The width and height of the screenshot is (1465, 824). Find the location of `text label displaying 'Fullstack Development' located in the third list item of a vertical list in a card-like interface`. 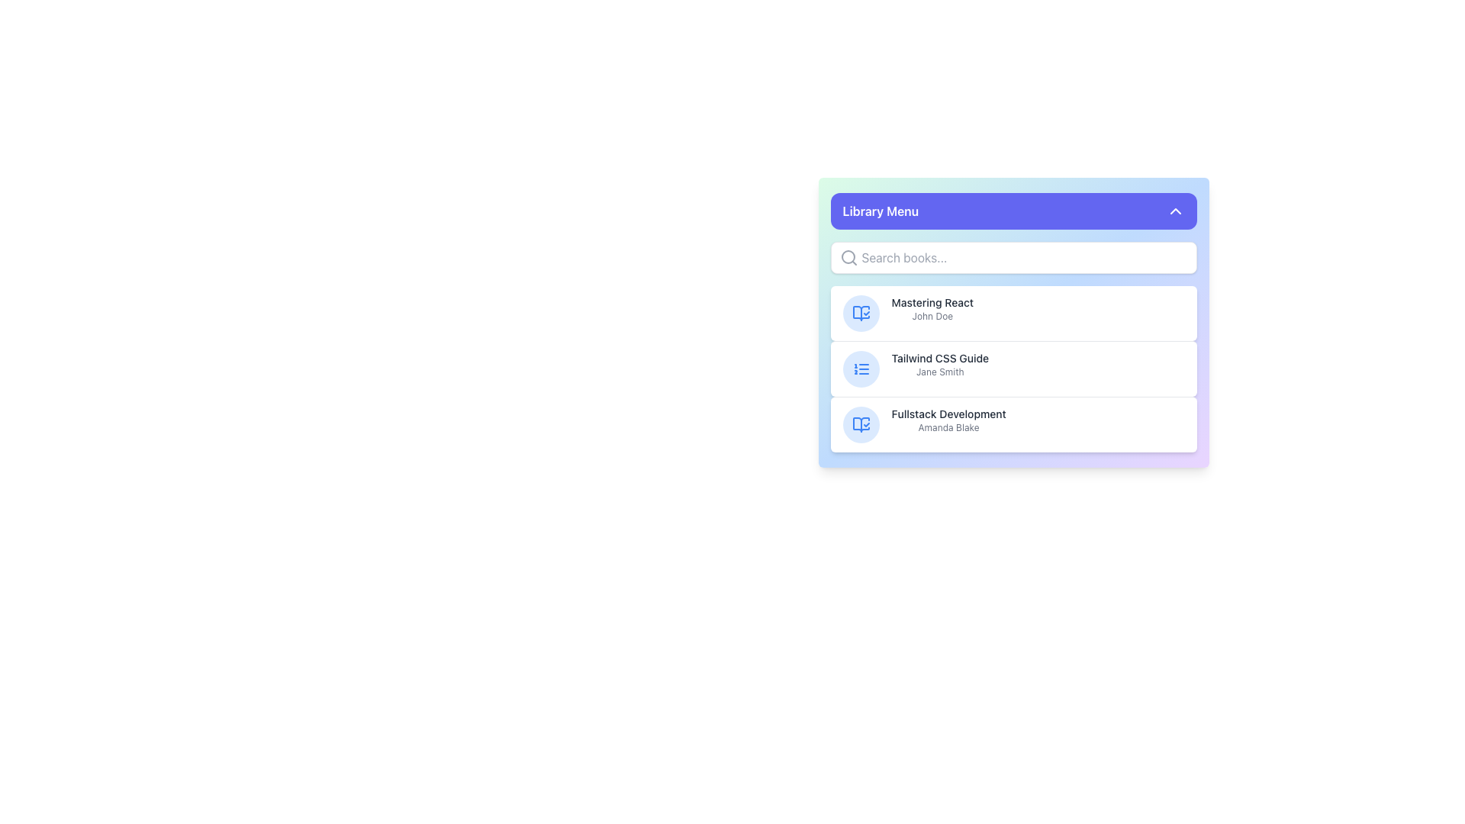

text label displaying 'Fullstack Development' located in the third list item of a vertical list in a card-like interface is located at coordinates (948, 414).